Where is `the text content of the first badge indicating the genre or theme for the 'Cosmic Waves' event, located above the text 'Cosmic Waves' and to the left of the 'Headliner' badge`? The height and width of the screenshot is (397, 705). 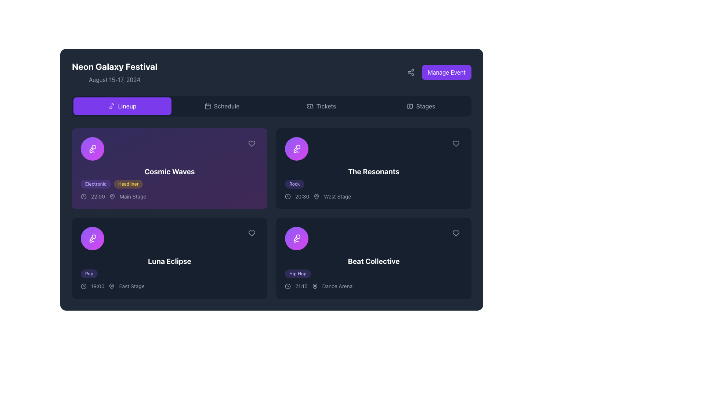
the text content of the first badge indicating the genre or theme for the 'Cosmic Waves' event, located above the text 'Cosmic Waves' and to the left of the 'Headliner' badge is located at coordinates (95, 184).